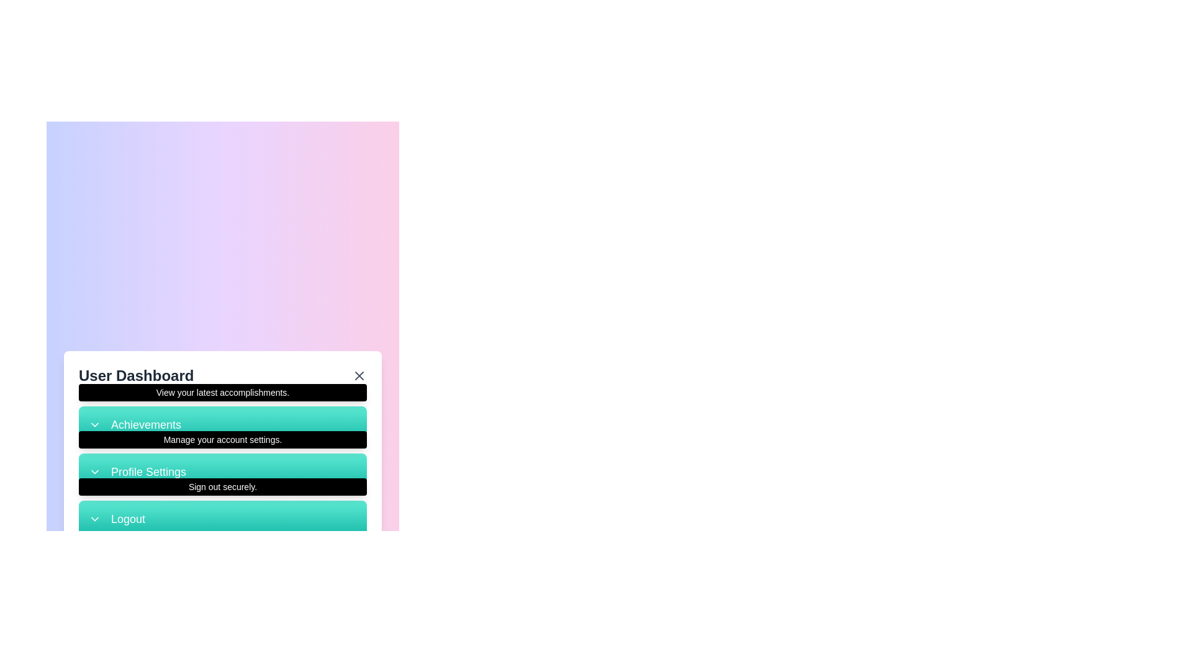 The width and height of the screenshot is (1192, 670). Describe the element at coordinates (223, 471) in the screenshot. I see `the user account settings button, which is the second item in the list positioned between 'Achievements' and 'Logout'` at that location.